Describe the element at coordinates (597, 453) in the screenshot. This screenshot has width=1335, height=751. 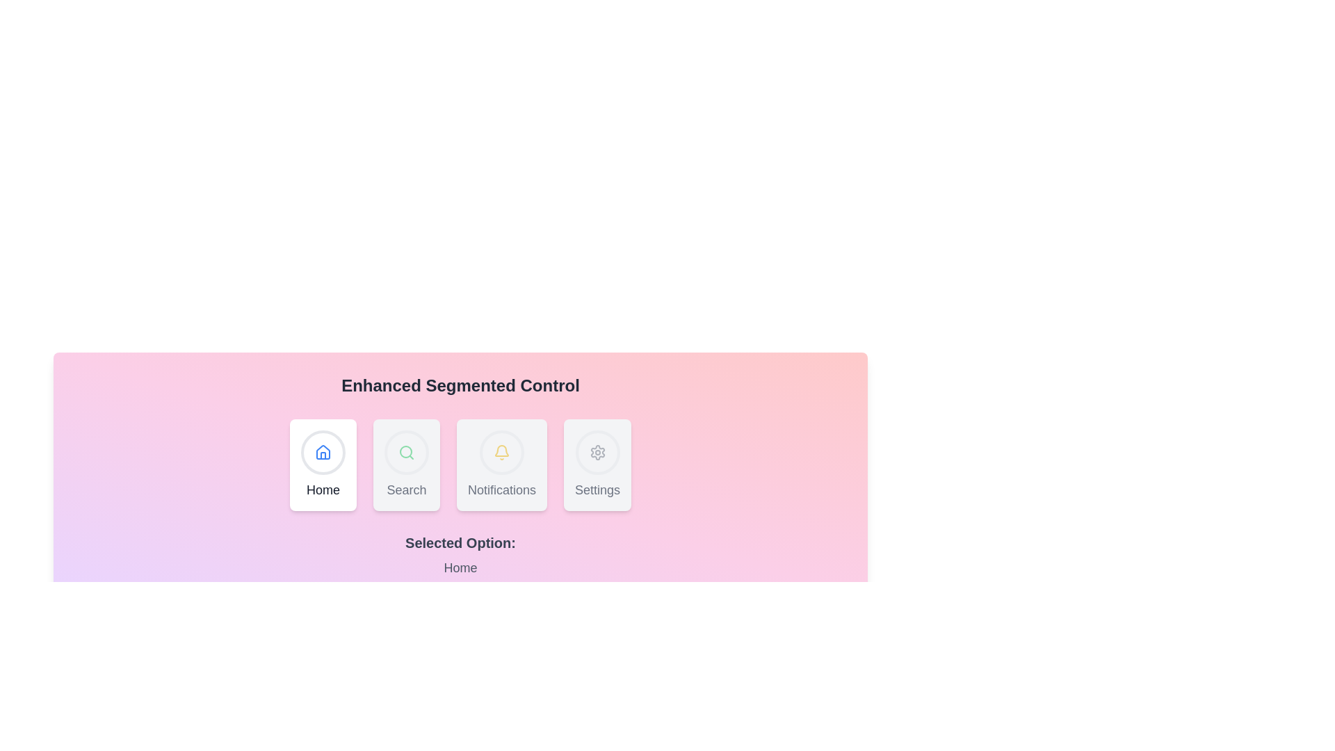
I see `the 'Settings' icon, which serves as a visual indicator for accessing configuration options` at that location.